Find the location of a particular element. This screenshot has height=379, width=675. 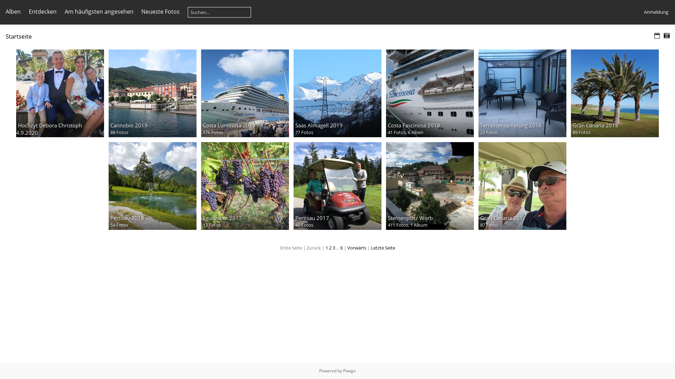

'Gran Canaria 2018 is located at coordinates (614, 93).